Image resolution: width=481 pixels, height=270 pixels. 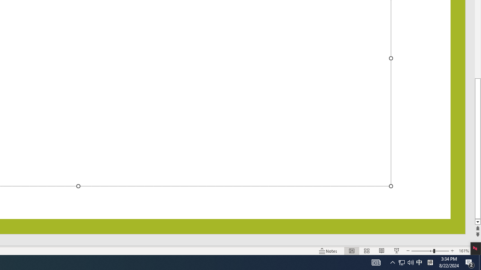 I want to click on 'Zoom 161%', so click(x=463, y=251).